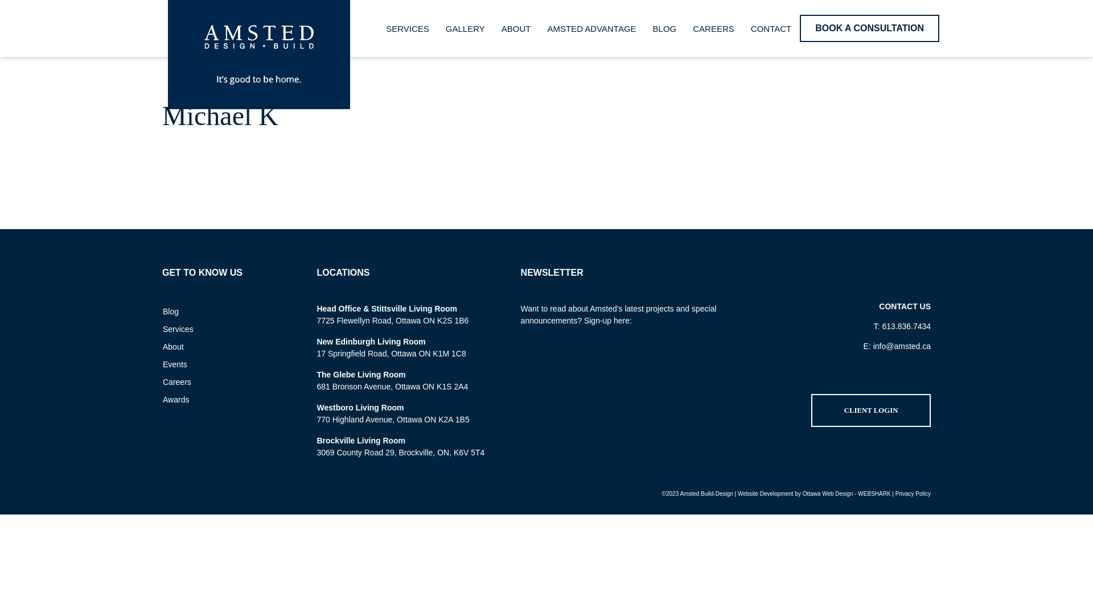  What do you see at coordinates (391, 352) in the screenshot?
I see `'17 Springfield Road, Ottawa ON K1M 1C8'` at bounding box center [391, 352].